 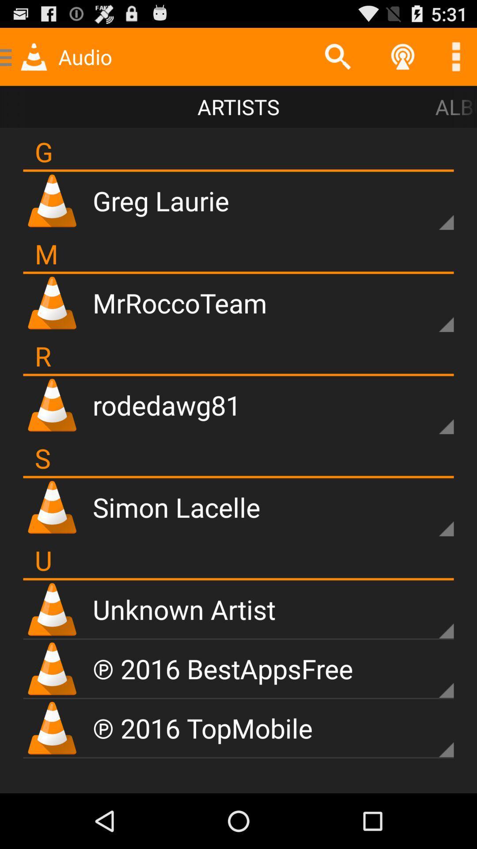 I want to click on see drop sown menu, so click(x=431, y=734).